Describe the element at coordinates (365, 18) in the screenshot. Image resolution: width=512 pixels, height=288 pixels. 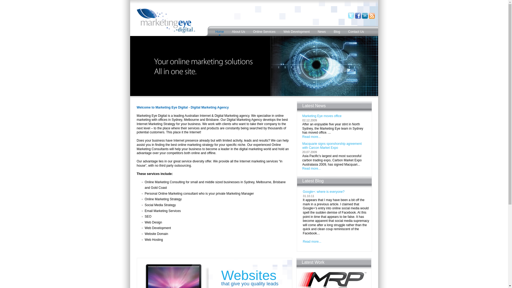
I see `'LinkedIn'` at that location.